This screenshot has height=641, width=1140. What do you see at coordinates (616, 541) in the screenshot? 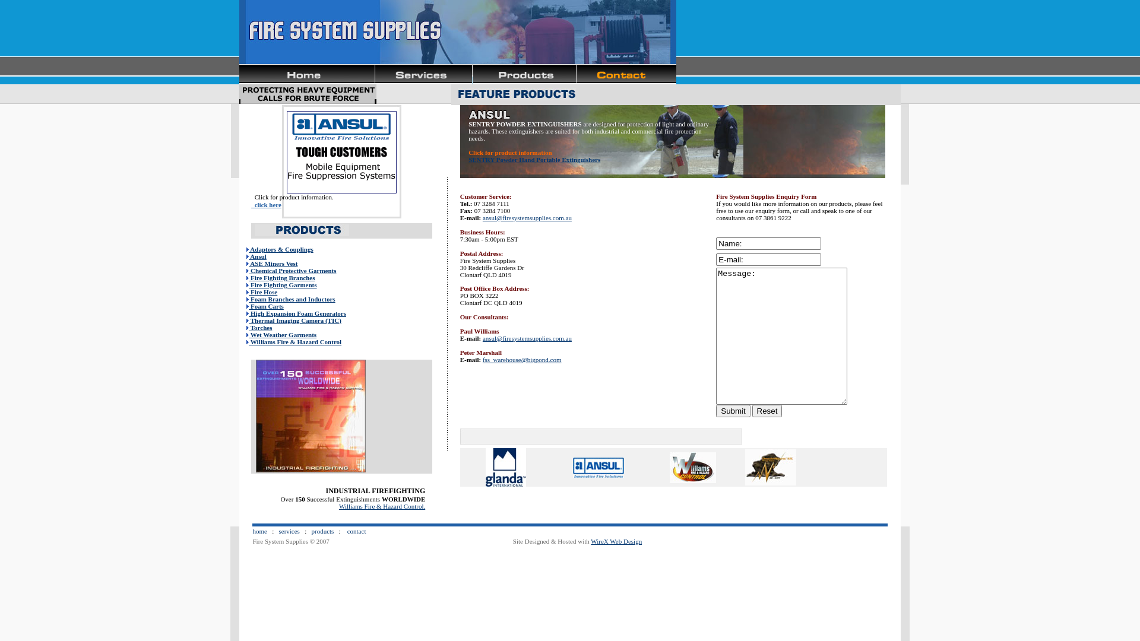
I see `'WireX Web Design'` at bounding box center [616, 541].